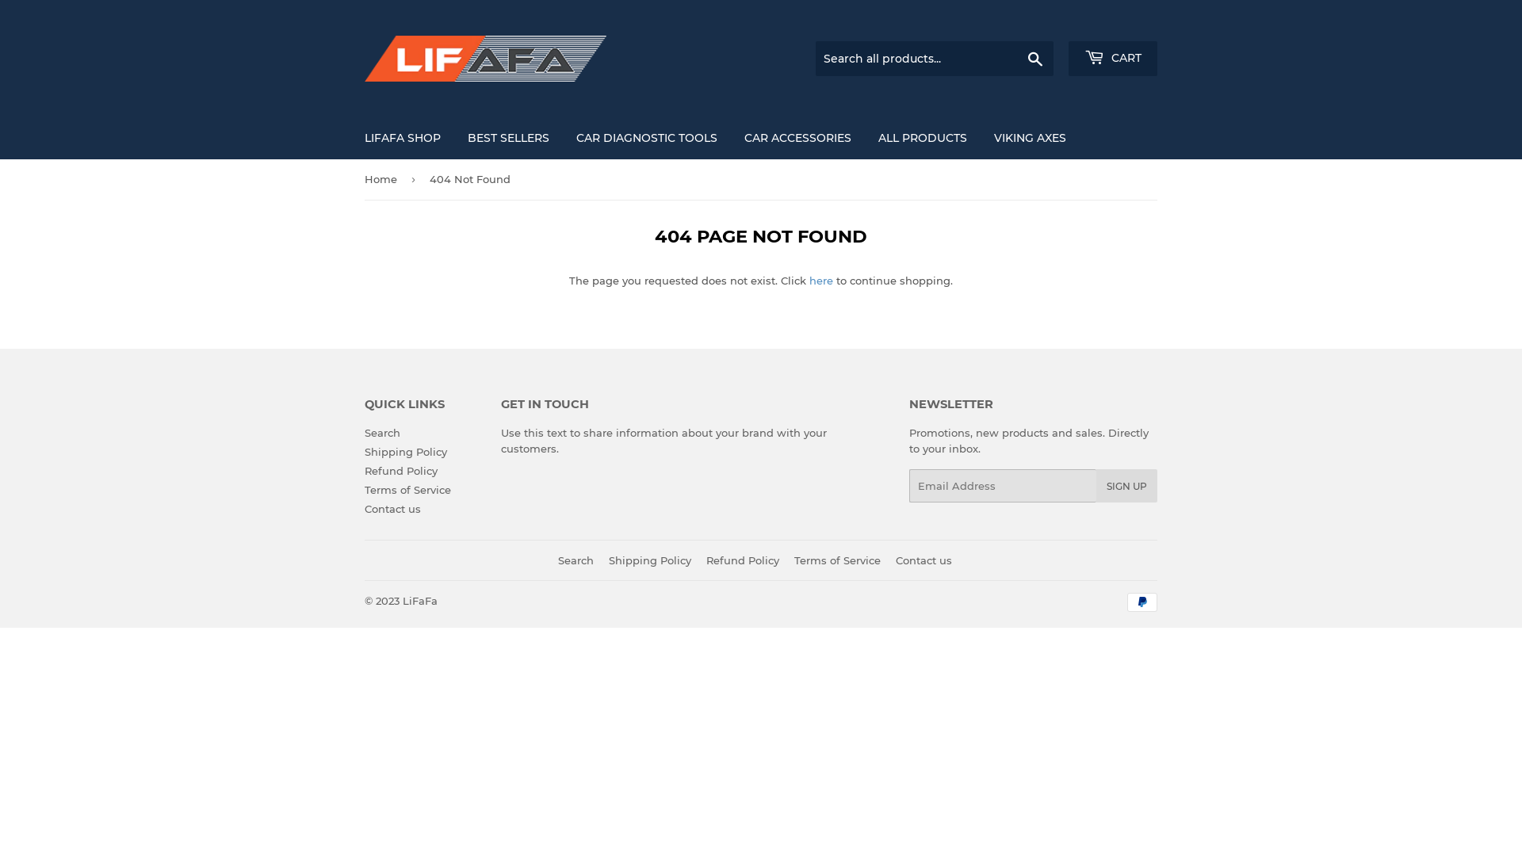 This screenshot has width=1522, height=856. What do you see at coordinates (866, 136) in the screenshot?
I see `'ALL PRODUCTS'` at bounding box center [866, 136].